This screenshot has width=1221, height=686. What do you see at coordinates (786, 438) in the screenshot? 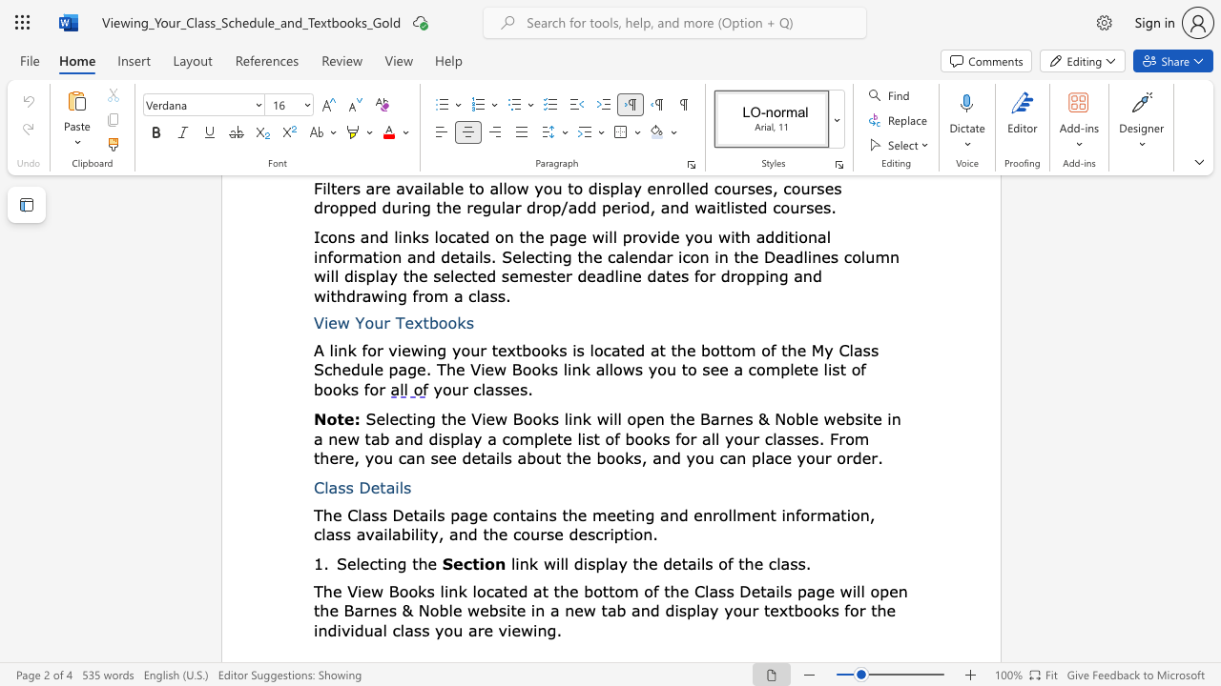
I see `the subset text "sses. From there, you can see details about the books, and you can place you" within the text "Selecting the View Books link will open the Barnes & Noble website in a new tab and display a complete list of books for all your classes. From there, you can see details about the books, and you can place your order"` at bounding box center [786, 438].